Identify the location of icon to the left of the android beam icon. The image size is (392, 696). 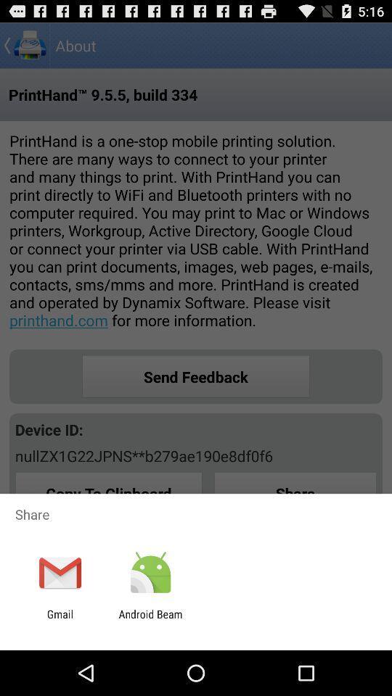
(60, 620).